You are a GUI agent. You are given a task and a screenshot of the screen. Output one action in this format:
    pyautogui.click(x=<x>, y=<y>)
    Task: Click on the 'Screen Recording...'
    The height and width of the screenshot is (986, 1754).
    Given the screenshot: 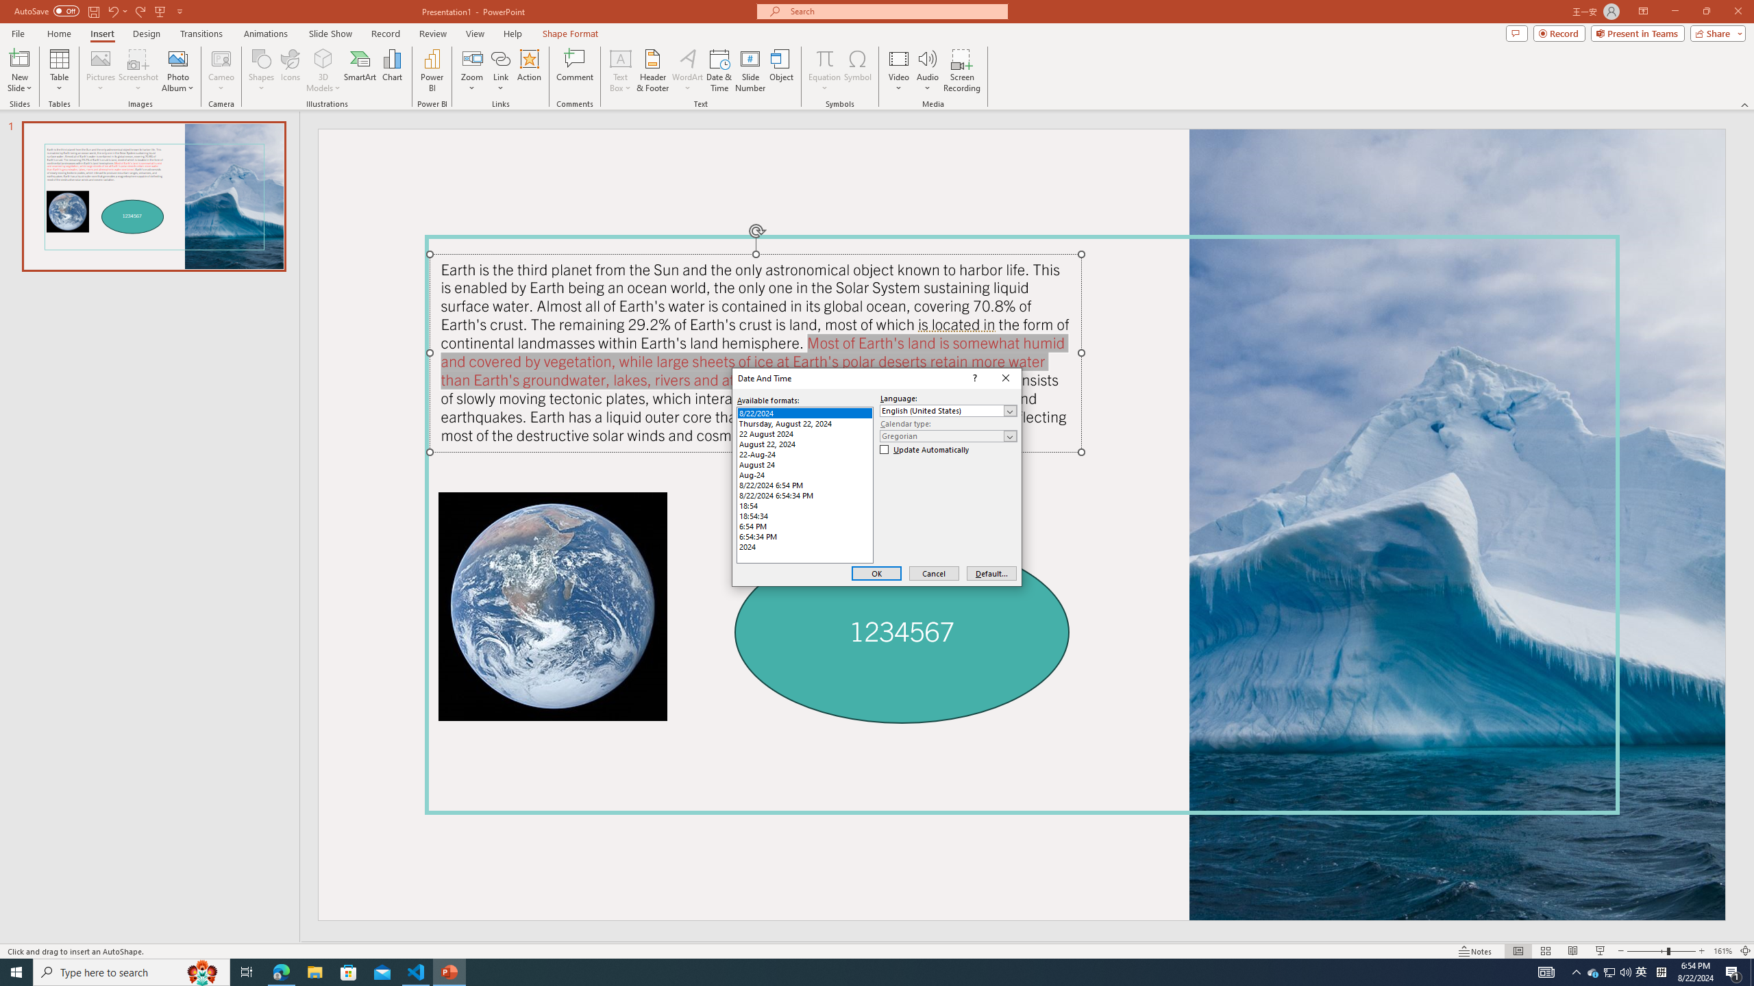 What is the action you would take?
    pyautogui.click(x=961, y=71)
    